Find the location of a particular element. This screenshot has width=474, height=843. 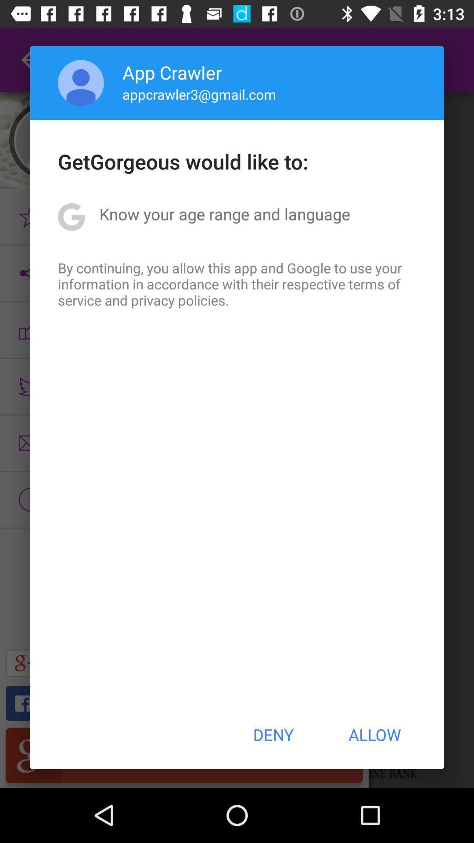

the app below the by continuing you item is located at coordinates (273, 735).